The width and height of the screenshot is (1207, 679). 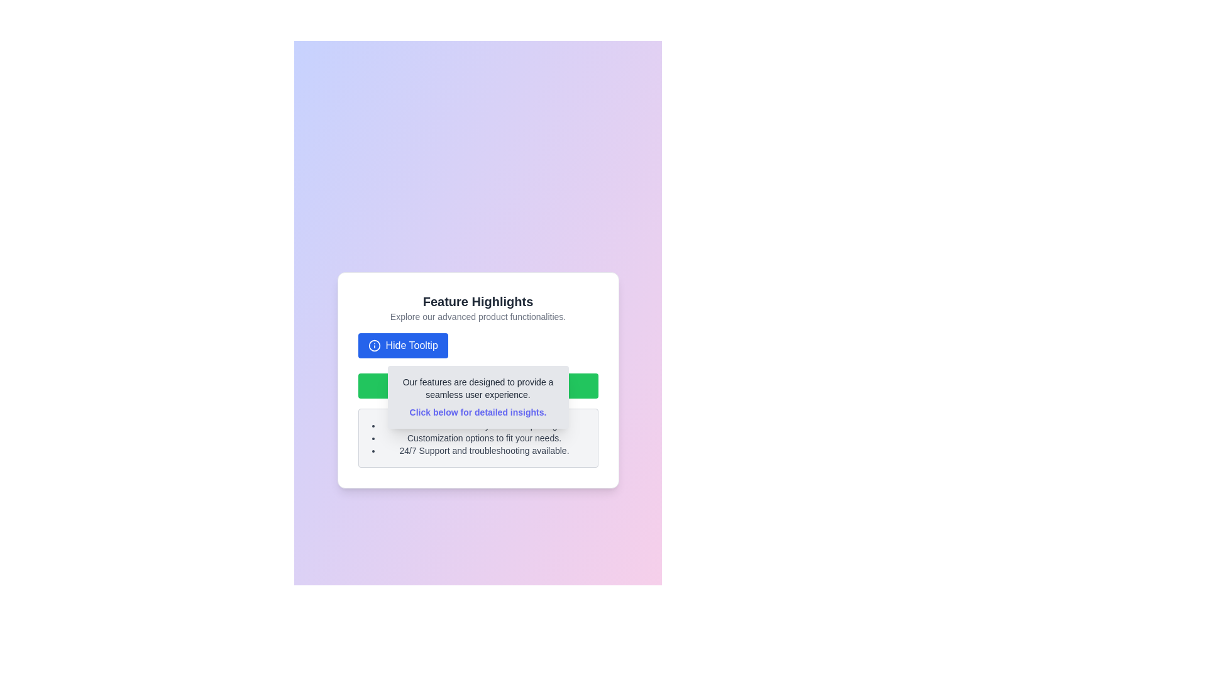 I want to click on informative text list item that describes a feature or benefit of the product, which is positioned below 'Real-time data analytics and reporting.' and above '24/7 Support and troubleshooting available.', so click(x=483, y=438).